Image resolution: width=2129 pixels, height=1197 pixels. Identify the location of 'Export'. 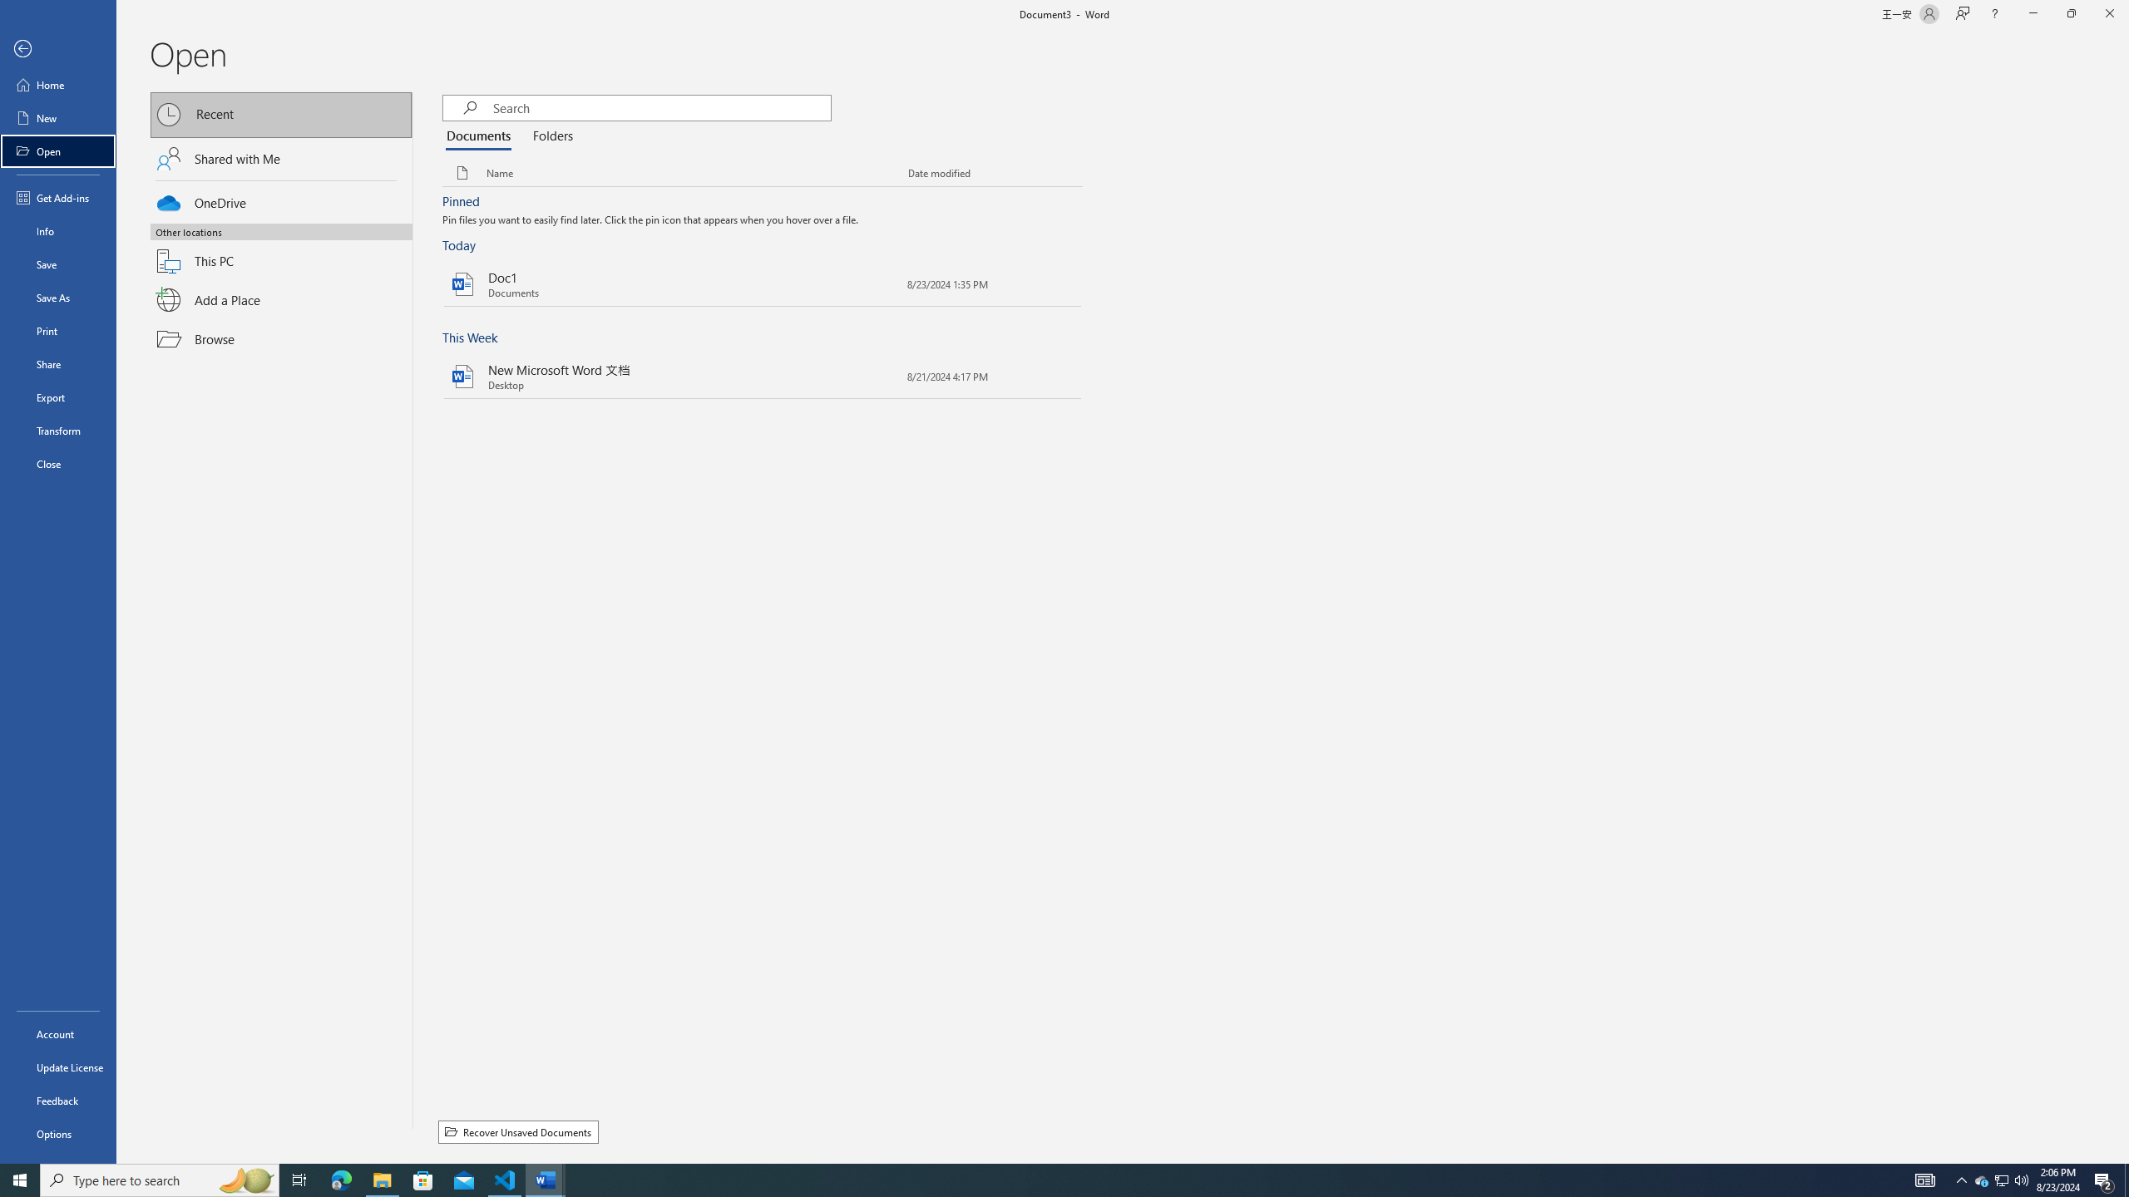
(57, 397).